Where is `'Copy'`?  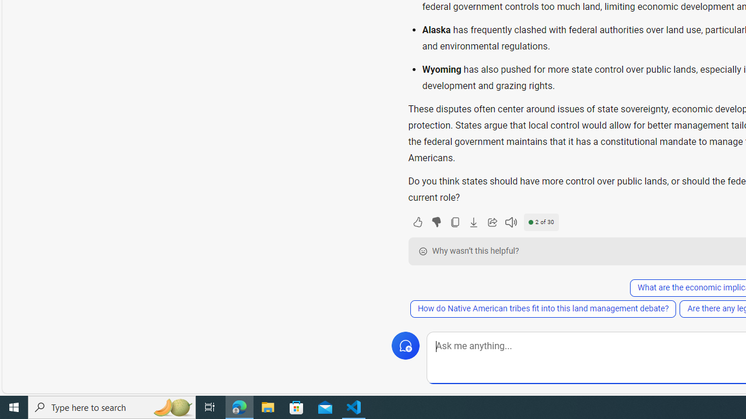
'Copy' is located at coordinates (454, 222).